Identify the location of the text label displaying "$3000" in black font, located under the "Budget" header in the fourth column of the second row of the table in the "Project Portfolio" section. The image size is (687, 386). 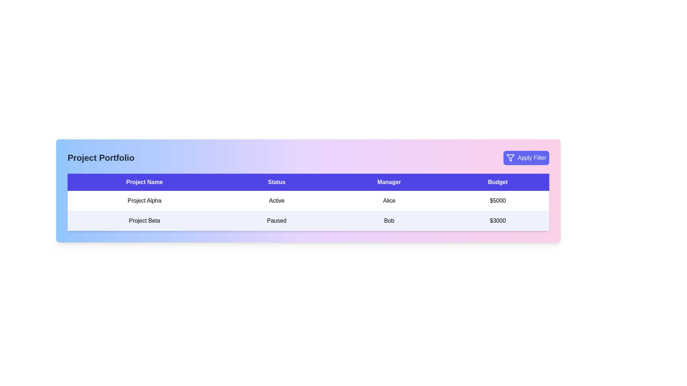
(497, 220).